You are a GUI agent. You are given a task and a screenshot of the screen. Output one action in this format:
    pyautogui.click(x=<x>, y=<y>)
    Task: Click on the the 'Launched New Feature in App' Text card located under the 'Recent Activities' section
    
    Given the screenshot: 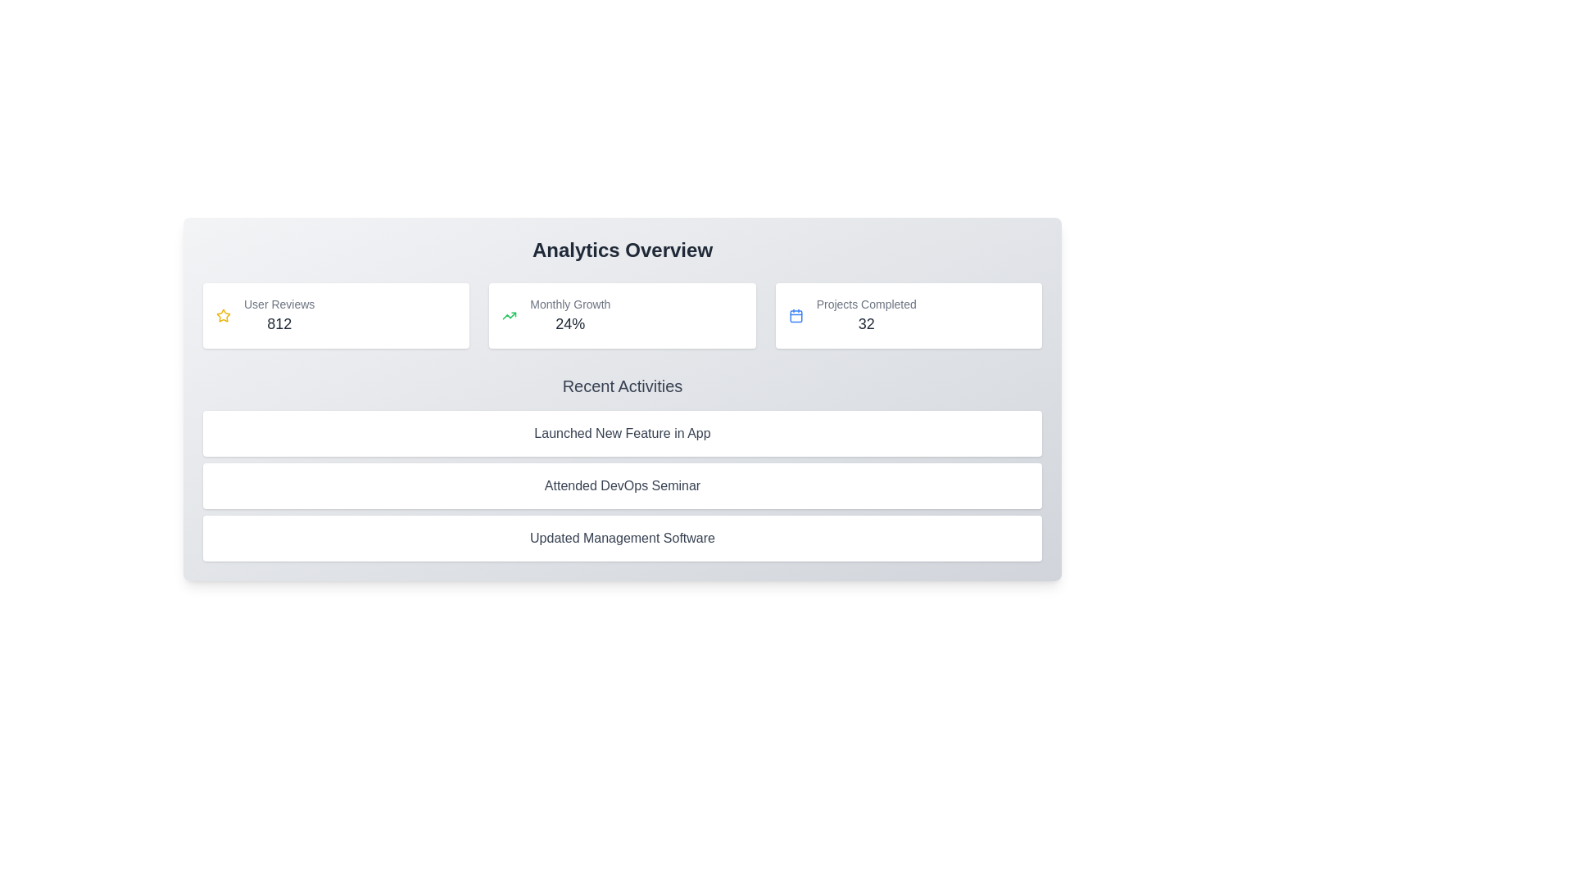 What is the action you would take?
    pyautogui.click(x=621, y=432)
    